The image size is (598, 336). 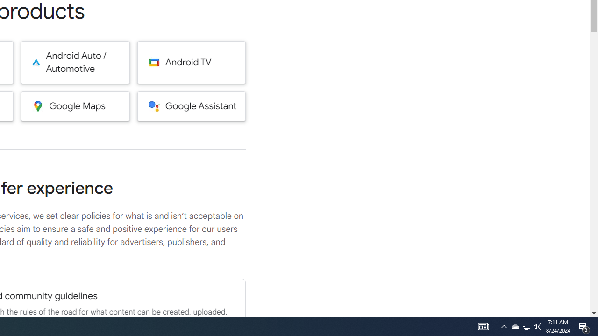 I want to click on 'Android Auto / Automotive', so click(x=75, y=62).